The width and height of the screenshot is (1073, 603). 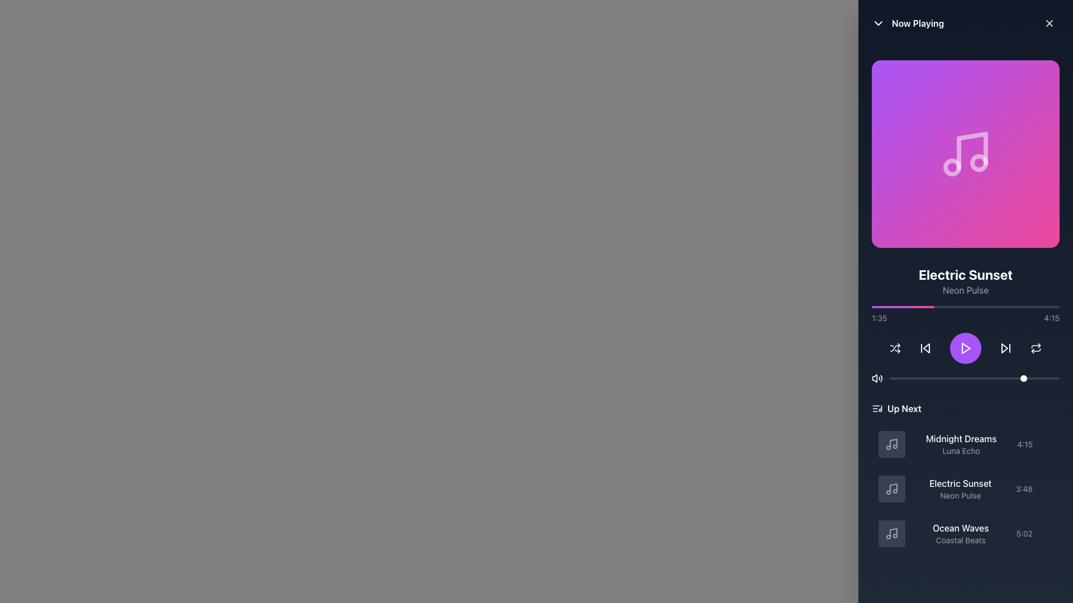 I want to click on the title 'Ocean Waves' of the third item in the 'Up Next' list, so click(x=965, y=533).